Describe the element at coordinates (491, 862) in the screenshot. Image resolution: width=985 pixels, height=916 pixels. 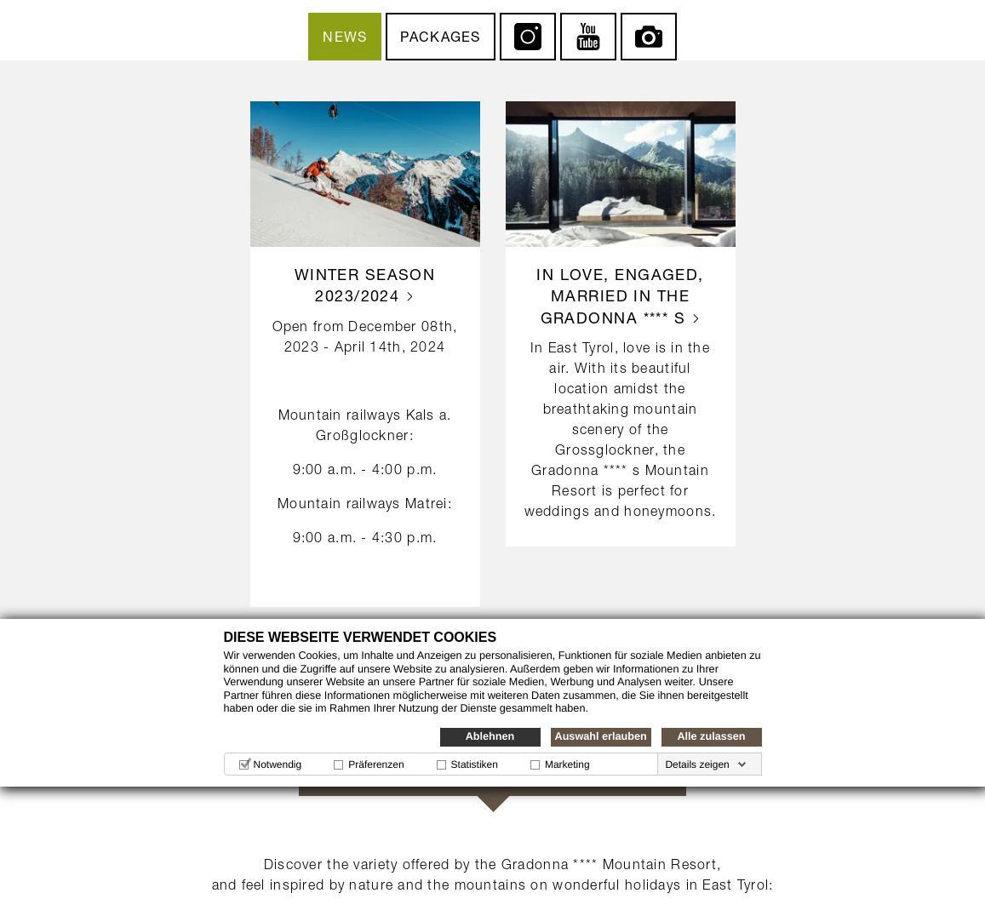
I see `'Discover the variety offered by the Gradonna **** Mountain Resort,'` at that location.